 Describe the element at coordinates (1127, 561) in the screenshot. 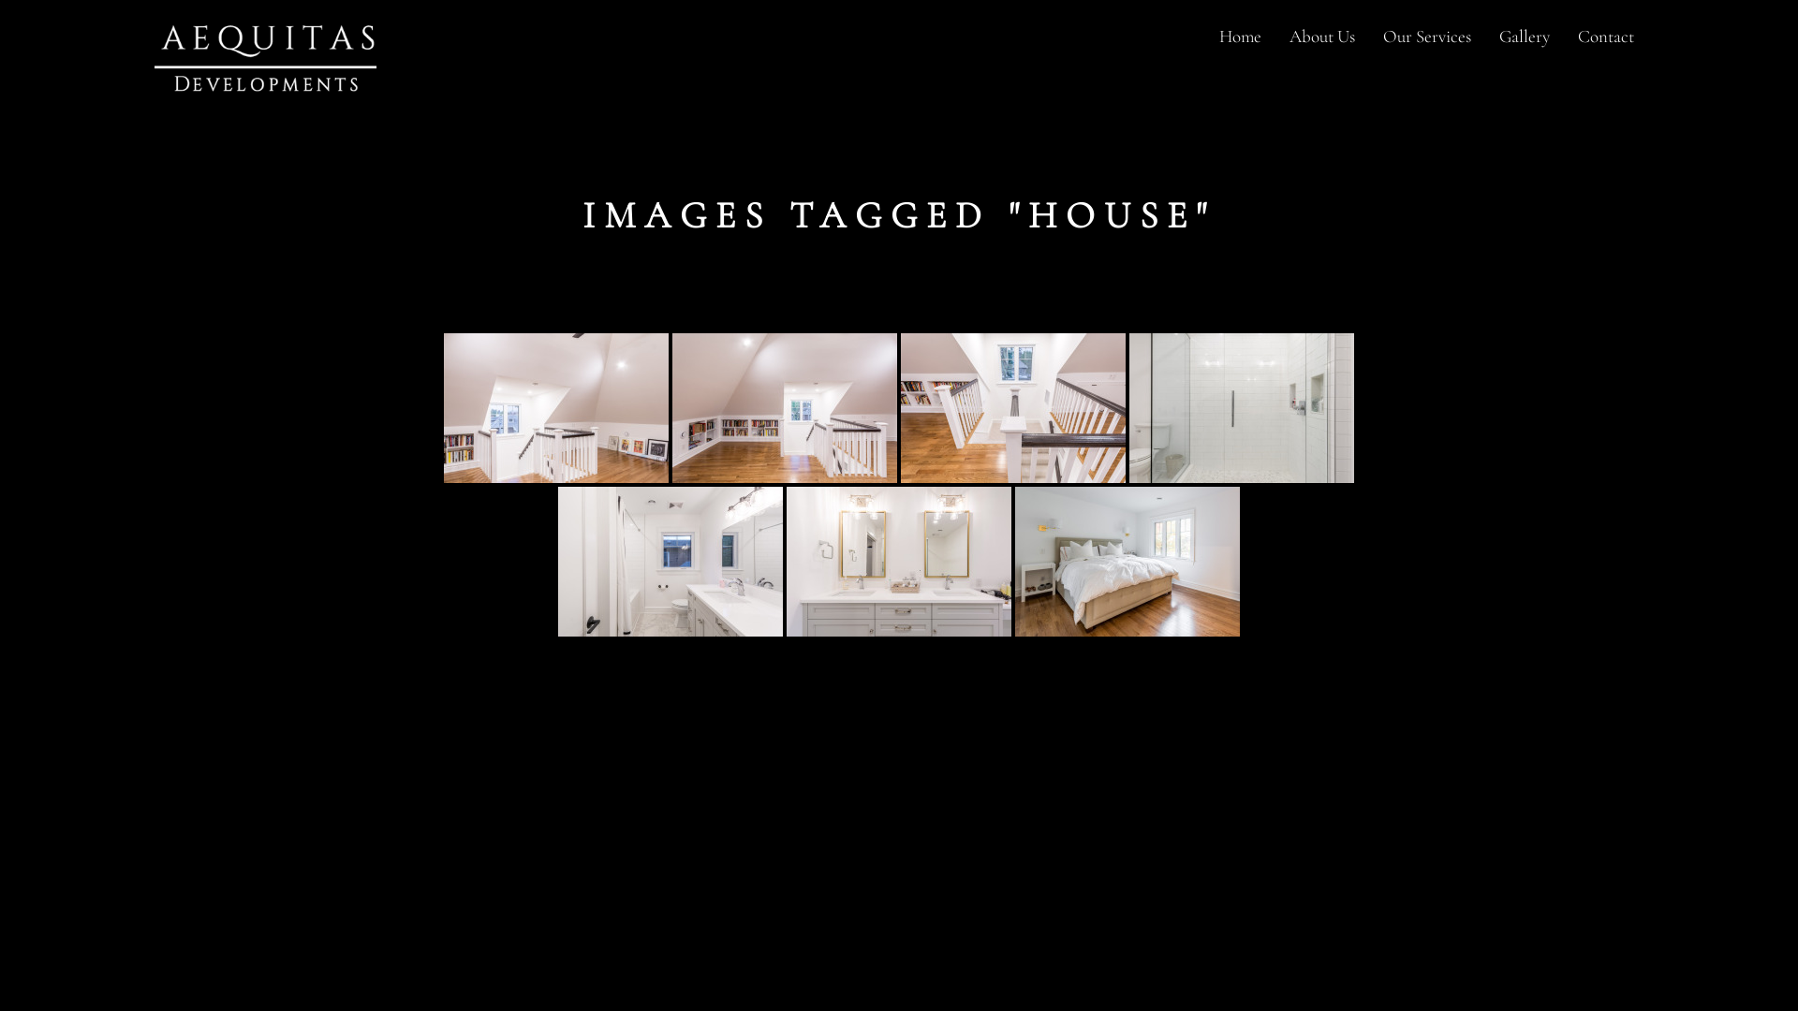

I see `'Glebe'` at that location.